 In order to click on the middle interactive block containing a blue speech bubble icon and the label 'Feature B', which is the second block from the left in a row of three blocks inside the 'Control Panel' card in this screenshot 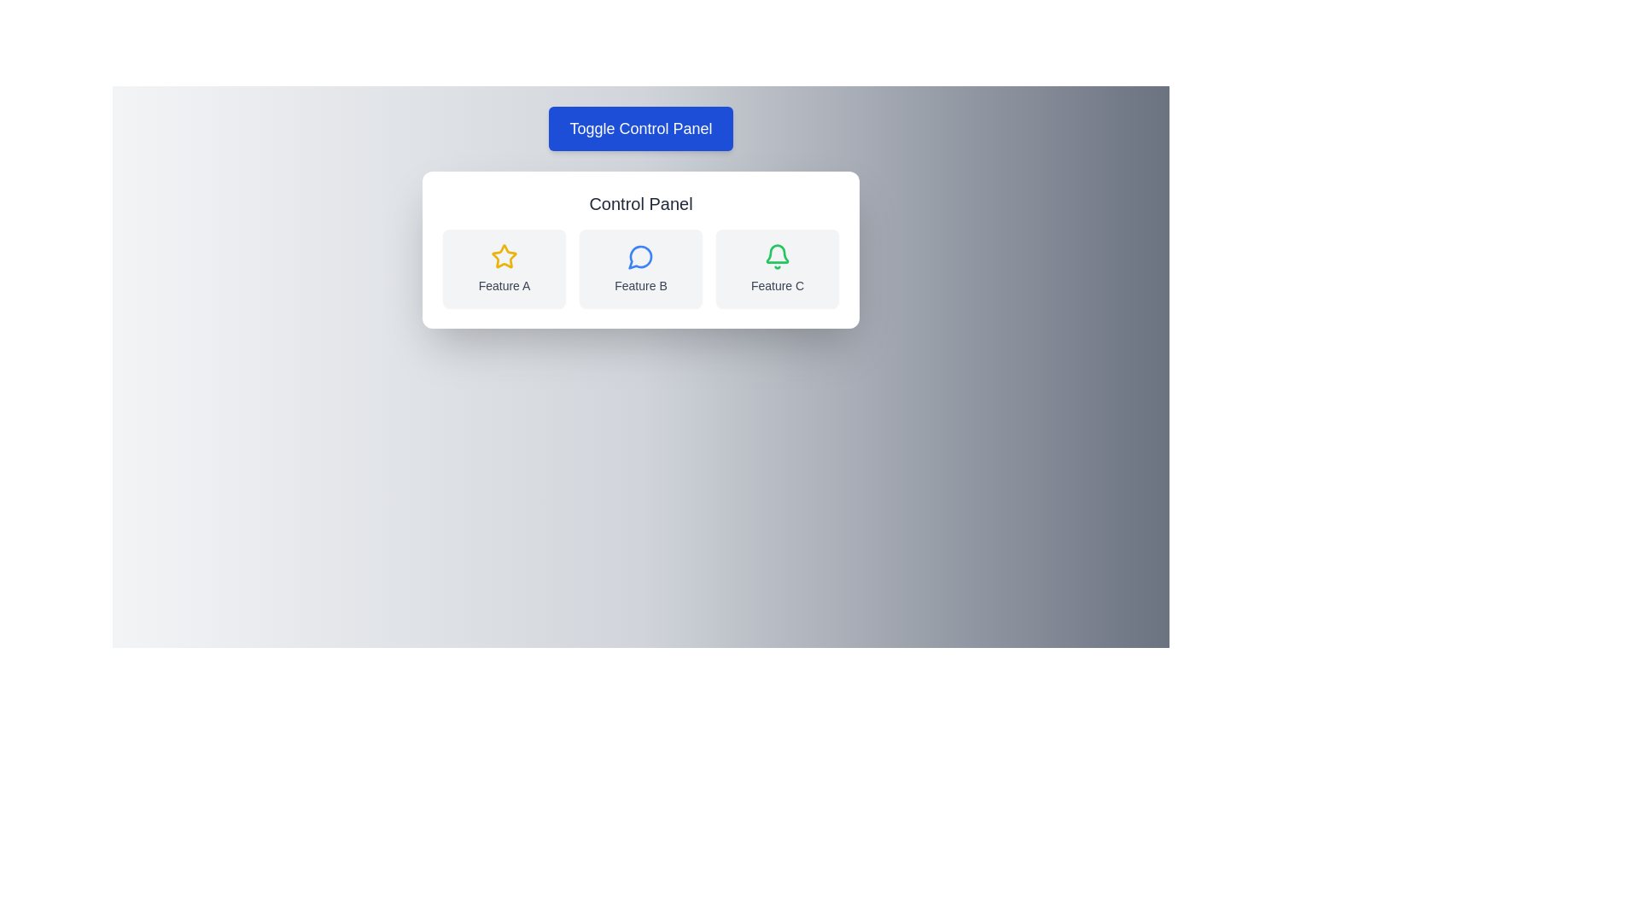, I will do `click(639, 269)`.